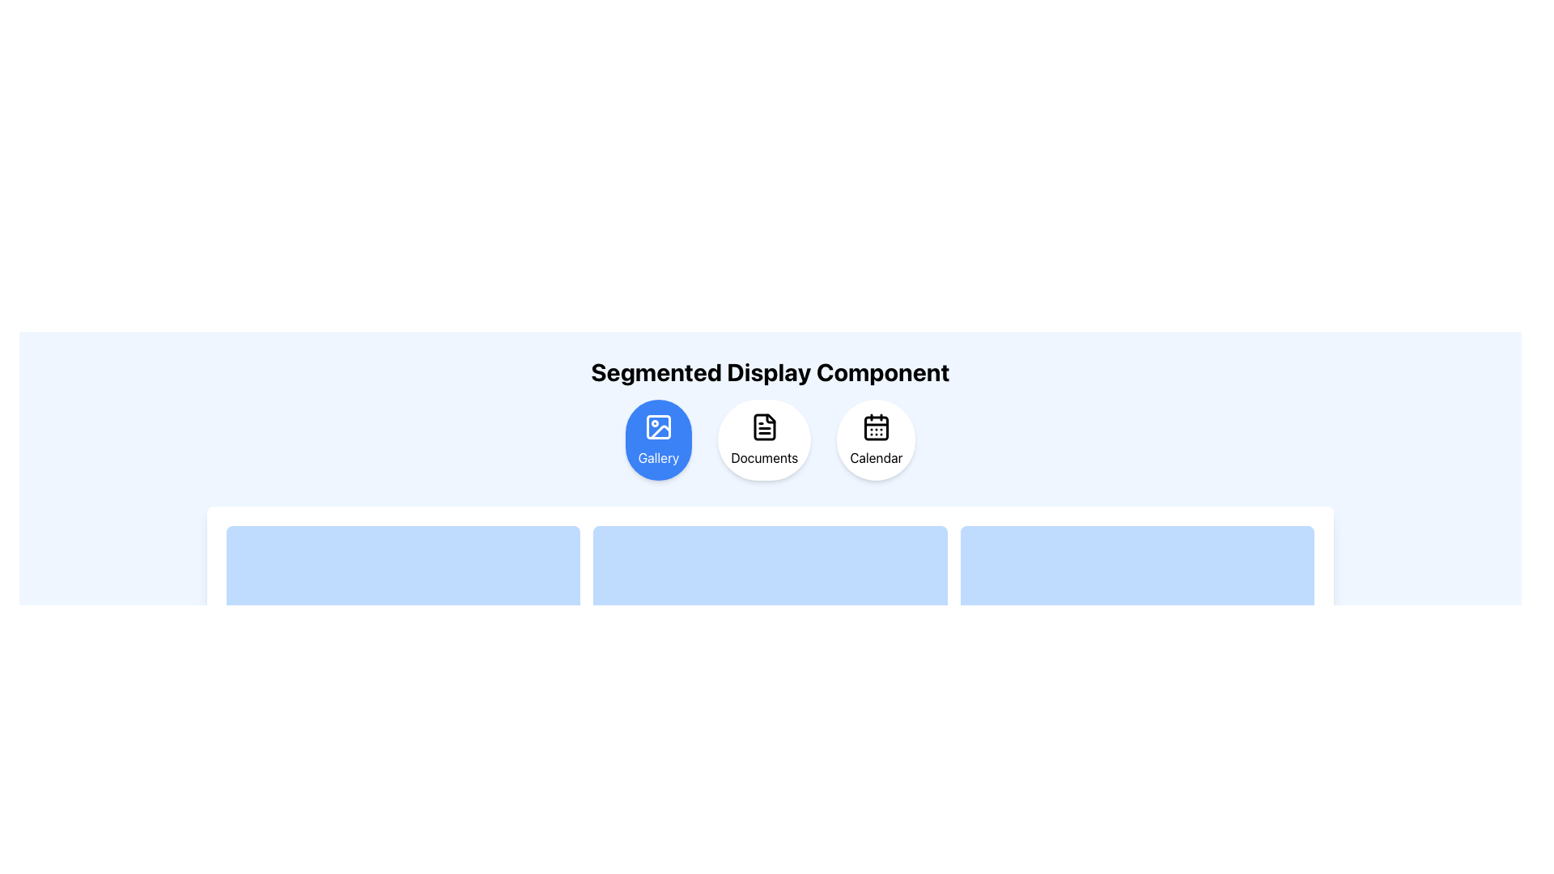  What do you see at coordinates (763, 426) in the screenshot?
I see `the 'Documents' icon` at bounding box center [763, 426].